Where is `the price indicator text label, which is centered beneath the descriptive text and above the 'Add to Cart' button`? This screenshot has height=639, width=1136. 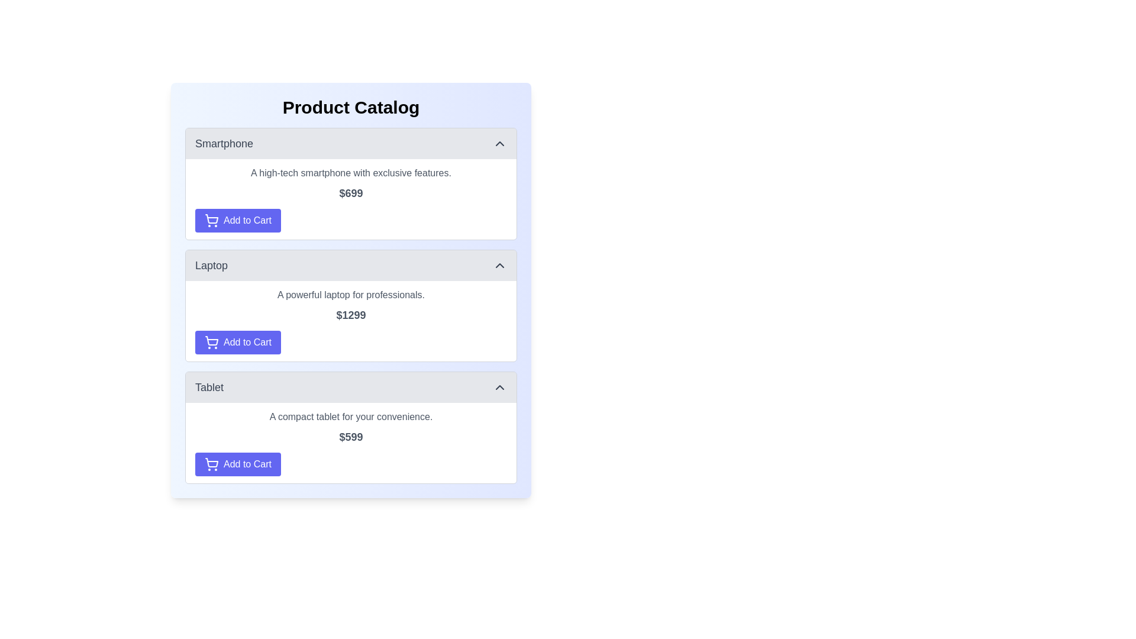 the price indicator text label, which is centered beneath the descriptive text and above the 'Add to Cart' button is located at coordinates (350, 193).